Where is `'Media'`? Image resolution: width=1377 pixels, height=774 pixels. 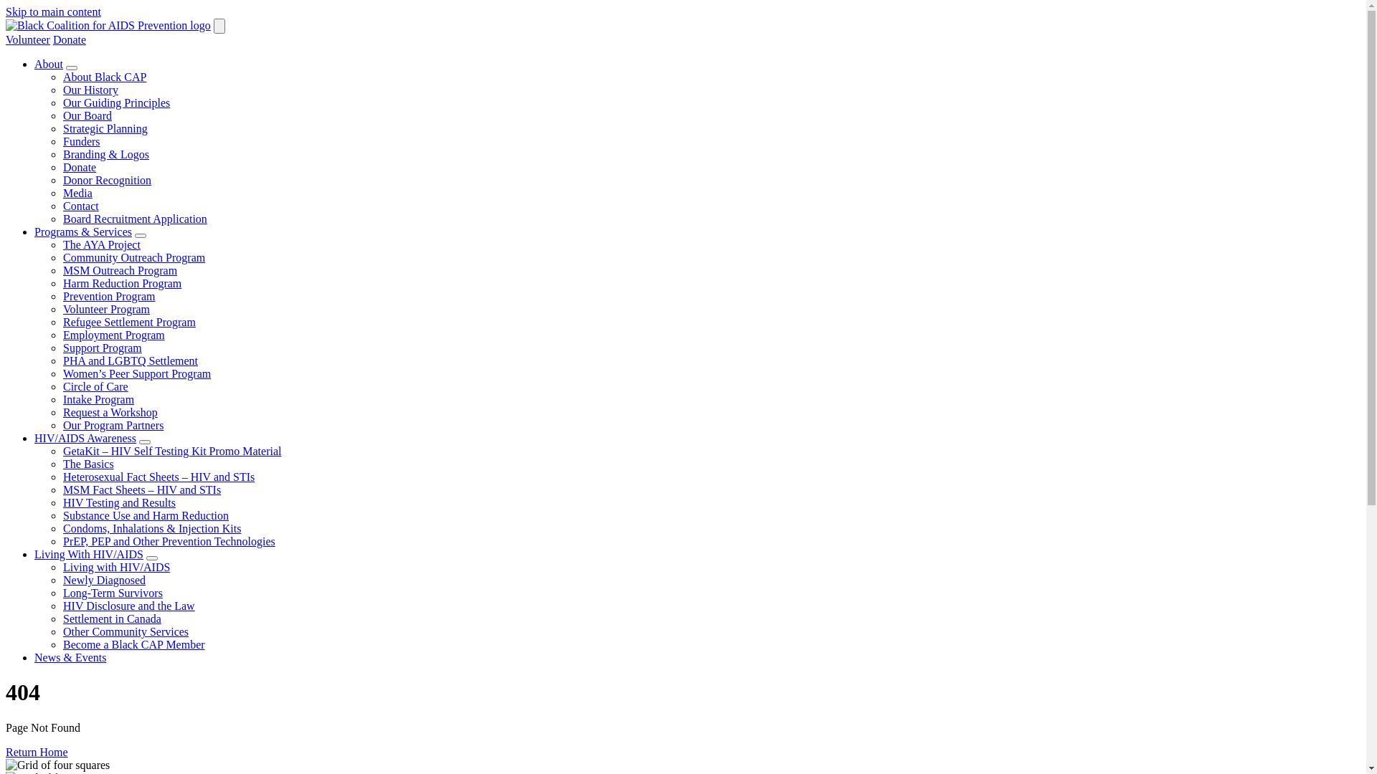
'Media' is located at coordinates (77, 192).